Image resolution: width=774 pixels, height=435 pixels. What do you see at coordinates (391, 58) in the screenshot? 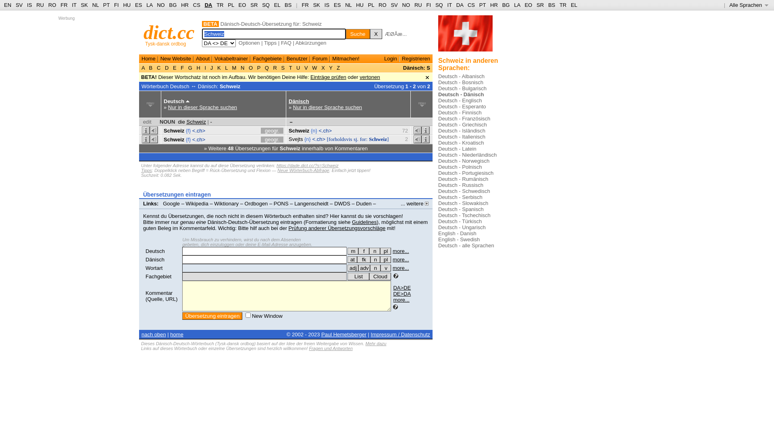
I see `'Login'` at bounding box center [391, 58].